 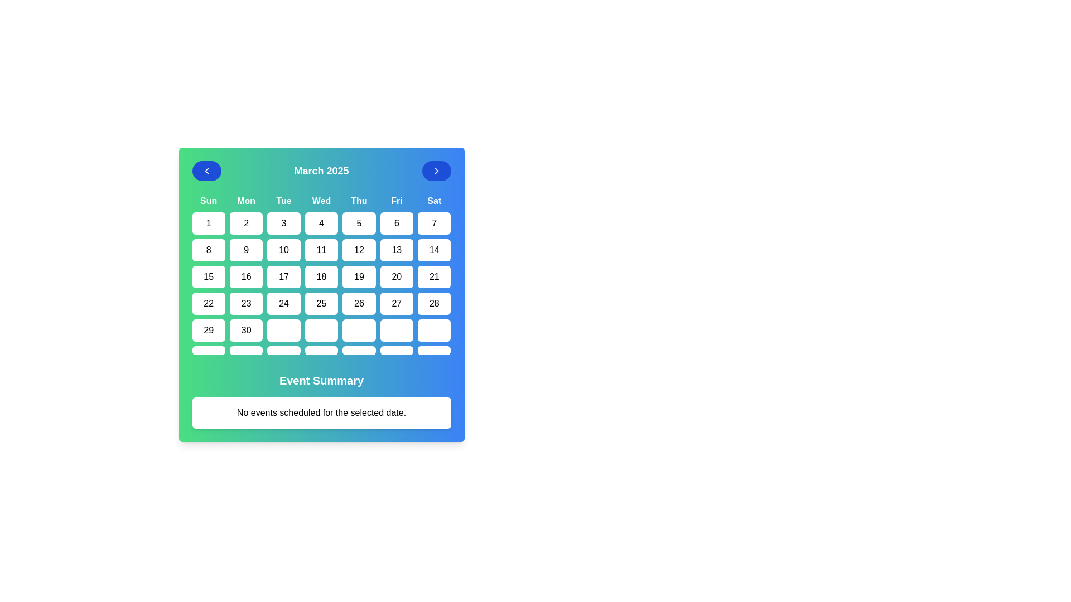 What do you see at coordinates (321, 294) in the screenshot?
I see `the dates in the Calendar View for additional information, which is displayed within the interactive grid of dates for March 2025` at bounding box center [321, 294].